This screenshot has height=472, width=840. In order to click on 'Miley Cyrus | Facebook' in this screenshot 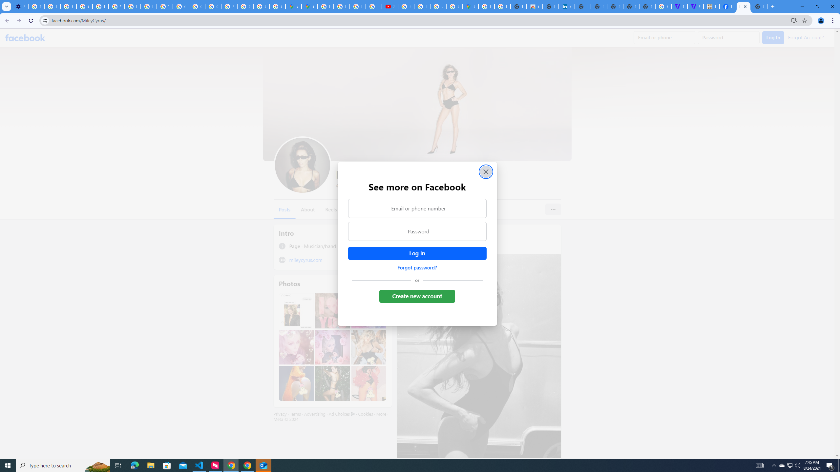, I will do `click(743, 6)`.